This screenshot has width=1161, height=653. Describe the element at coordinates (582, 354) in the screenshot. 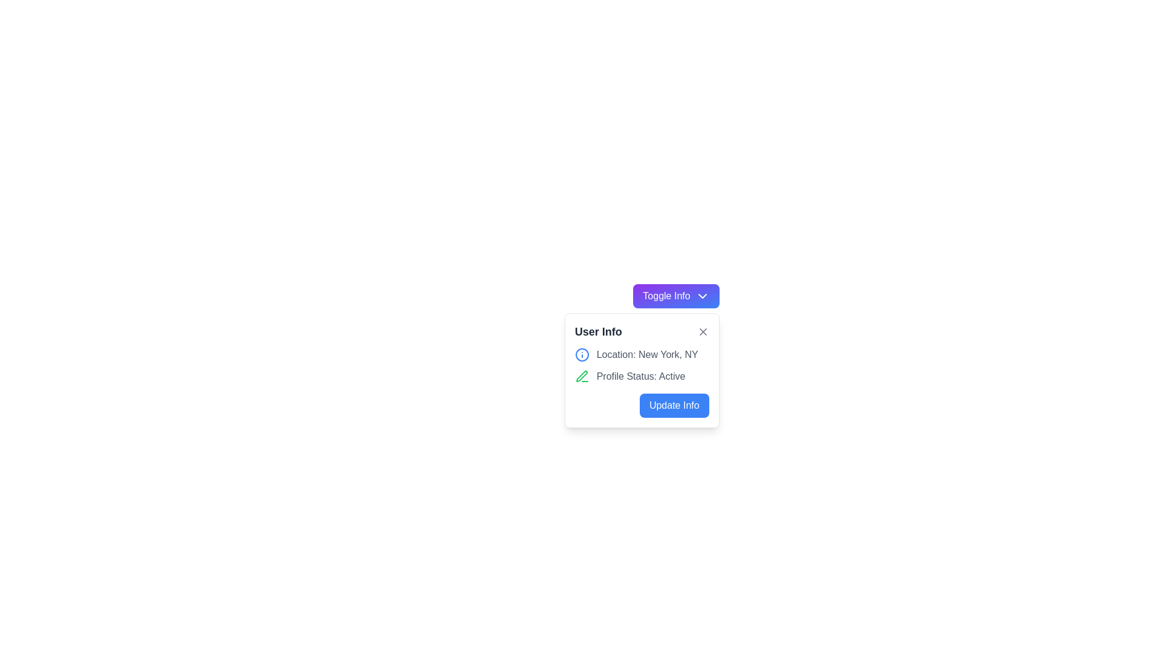

I see `location icon that indicates the 'Location: New York, NY' section of the interface for additional details` at that location.